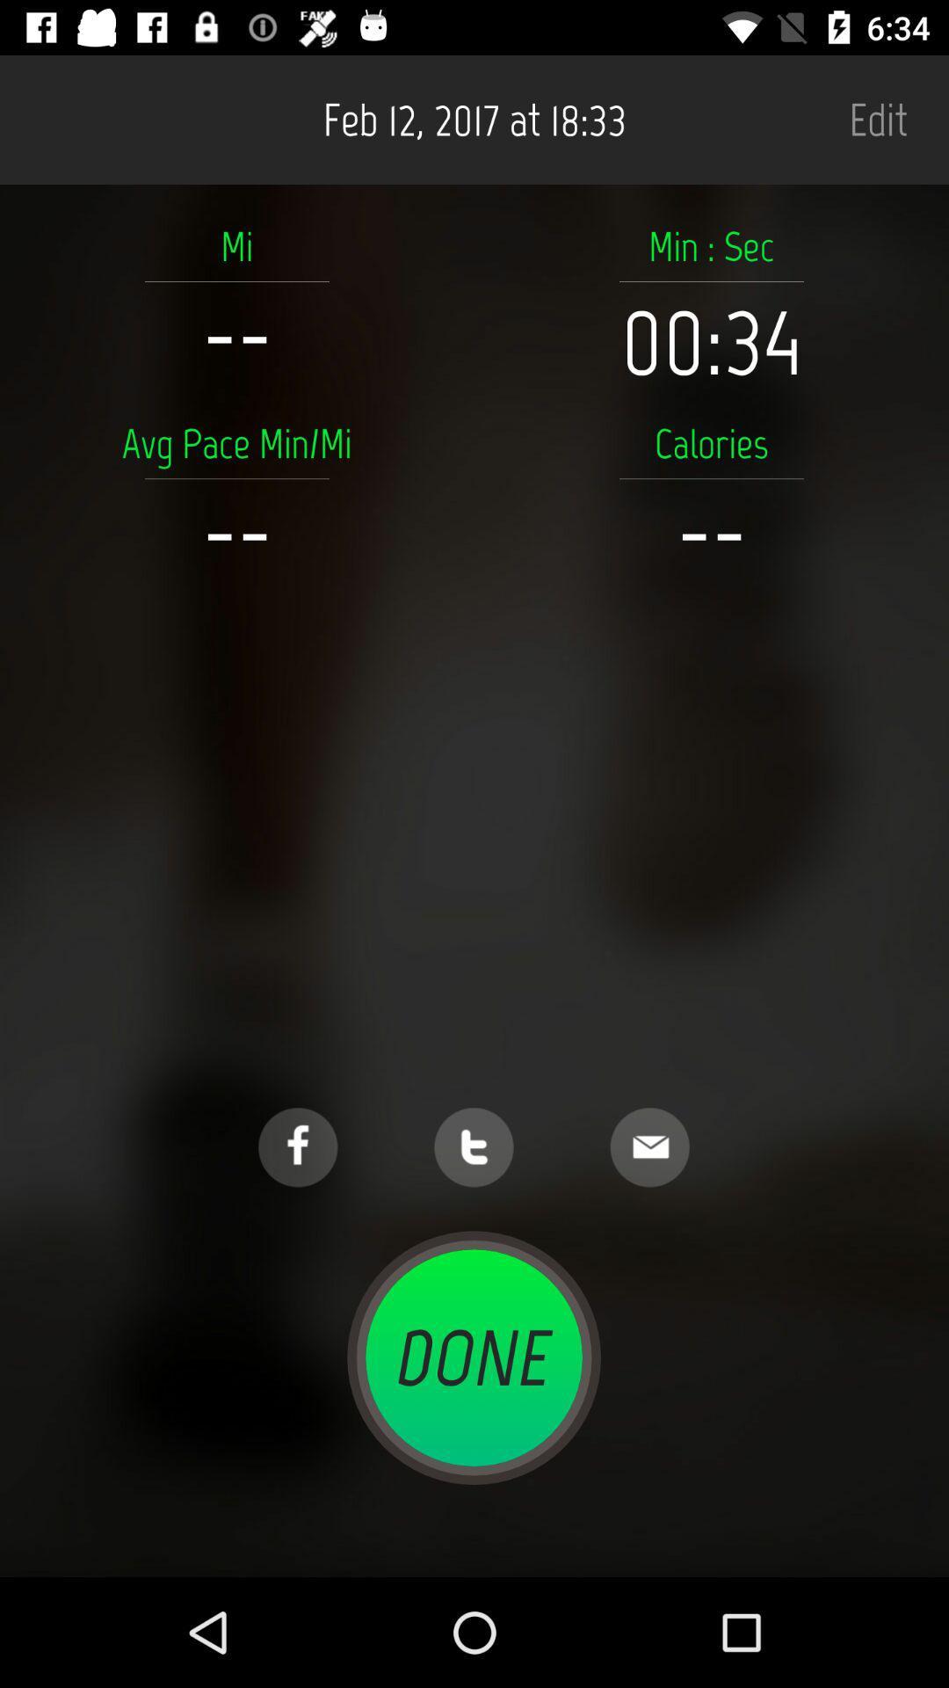  Describe the element at coordinates (473, 1147) in the screenshot. I see `share to twitter` at that location.